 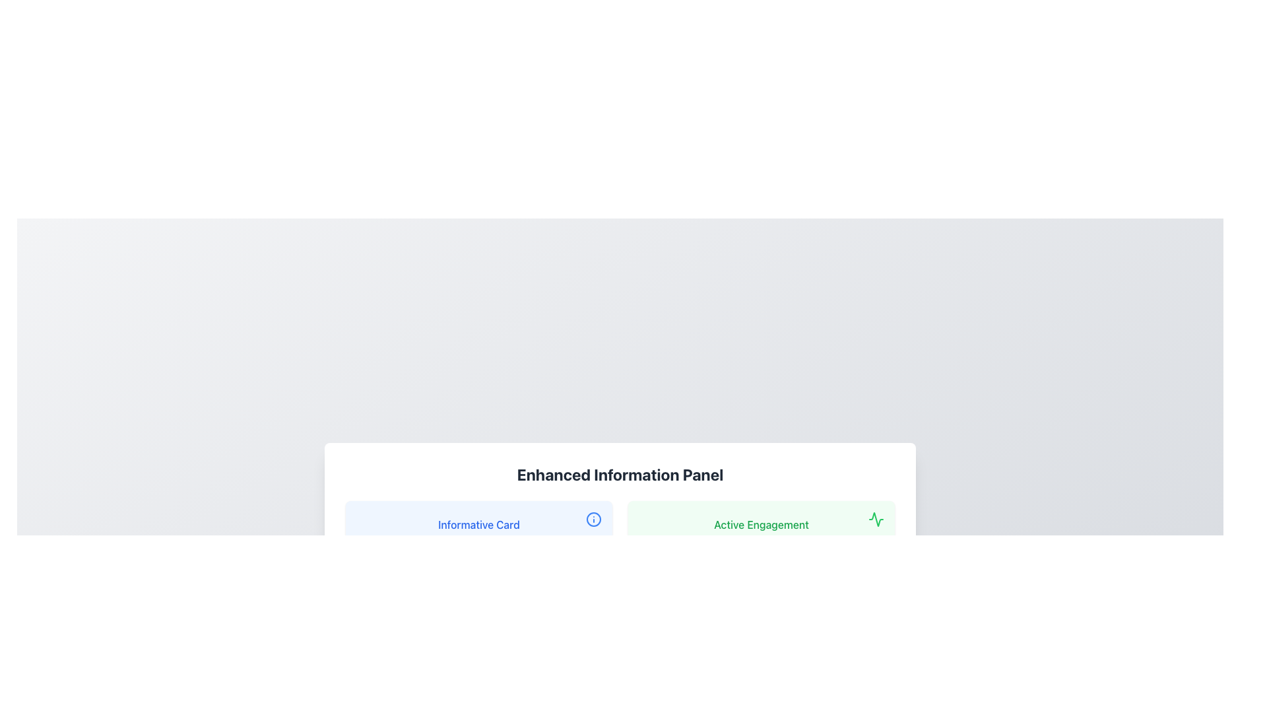 I want to click on the Text Label element that serves as the title or header for the card, positioned at the topmost part of the card beneath the icon in the top-right corner, so click(x=478, y=524).